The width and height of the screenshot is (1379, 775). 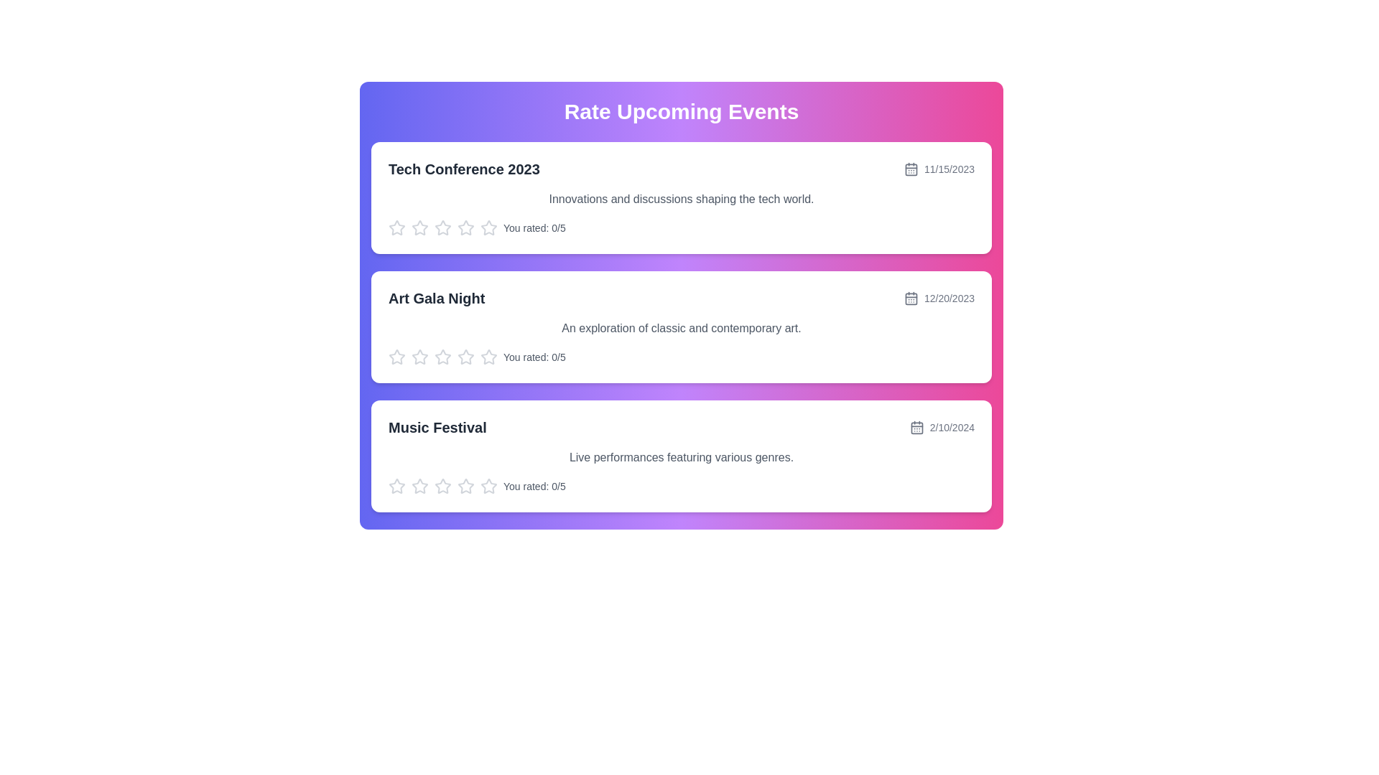 What do you see at coordinates (442, 227) in the screenshot?
I see `the first star-shaped Rating icon in the 'Tech Conference 2023' rating section` at bounding box center [442, 227].